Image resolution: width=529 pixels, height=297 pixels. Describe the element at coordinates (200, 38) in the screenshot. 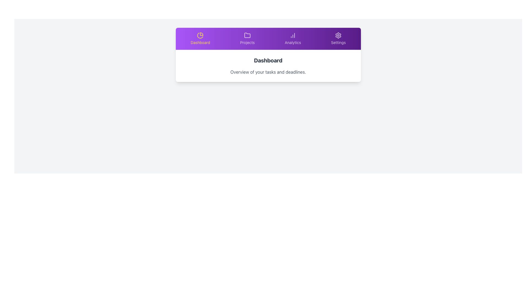

I see `the 'Dashboard' button, which features a yellow pie chart icon and is located in the top horizontal navigation bar` at that location.